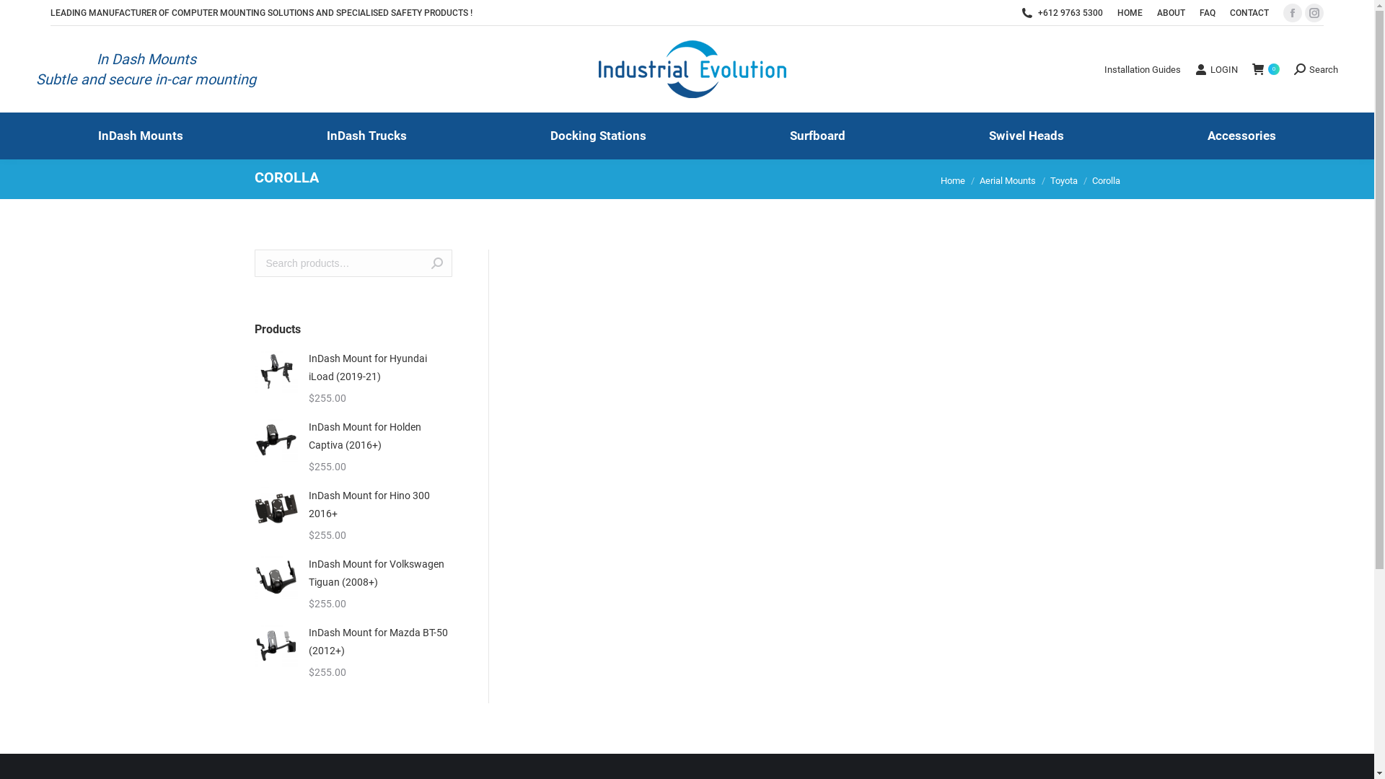 This screenshot has width=1385, height=779. I want to click on 'LOGIN', so click(1215, 69).